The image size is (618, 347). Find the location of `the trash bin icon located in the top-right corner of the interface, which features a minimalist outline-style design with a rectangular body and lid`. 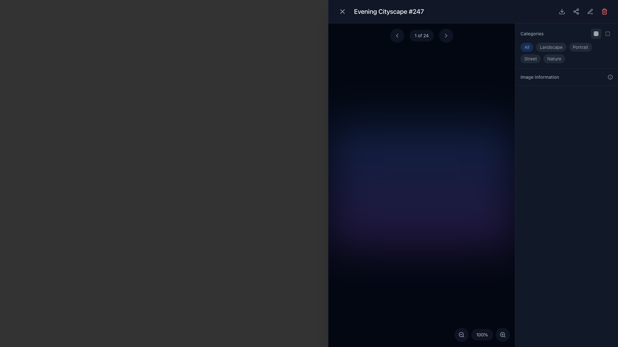

the trash bin icon located in the top-right corner of the interface, which features a minimalist outline-style design with a rectangular body and lid is located at coordinates (604, 11).